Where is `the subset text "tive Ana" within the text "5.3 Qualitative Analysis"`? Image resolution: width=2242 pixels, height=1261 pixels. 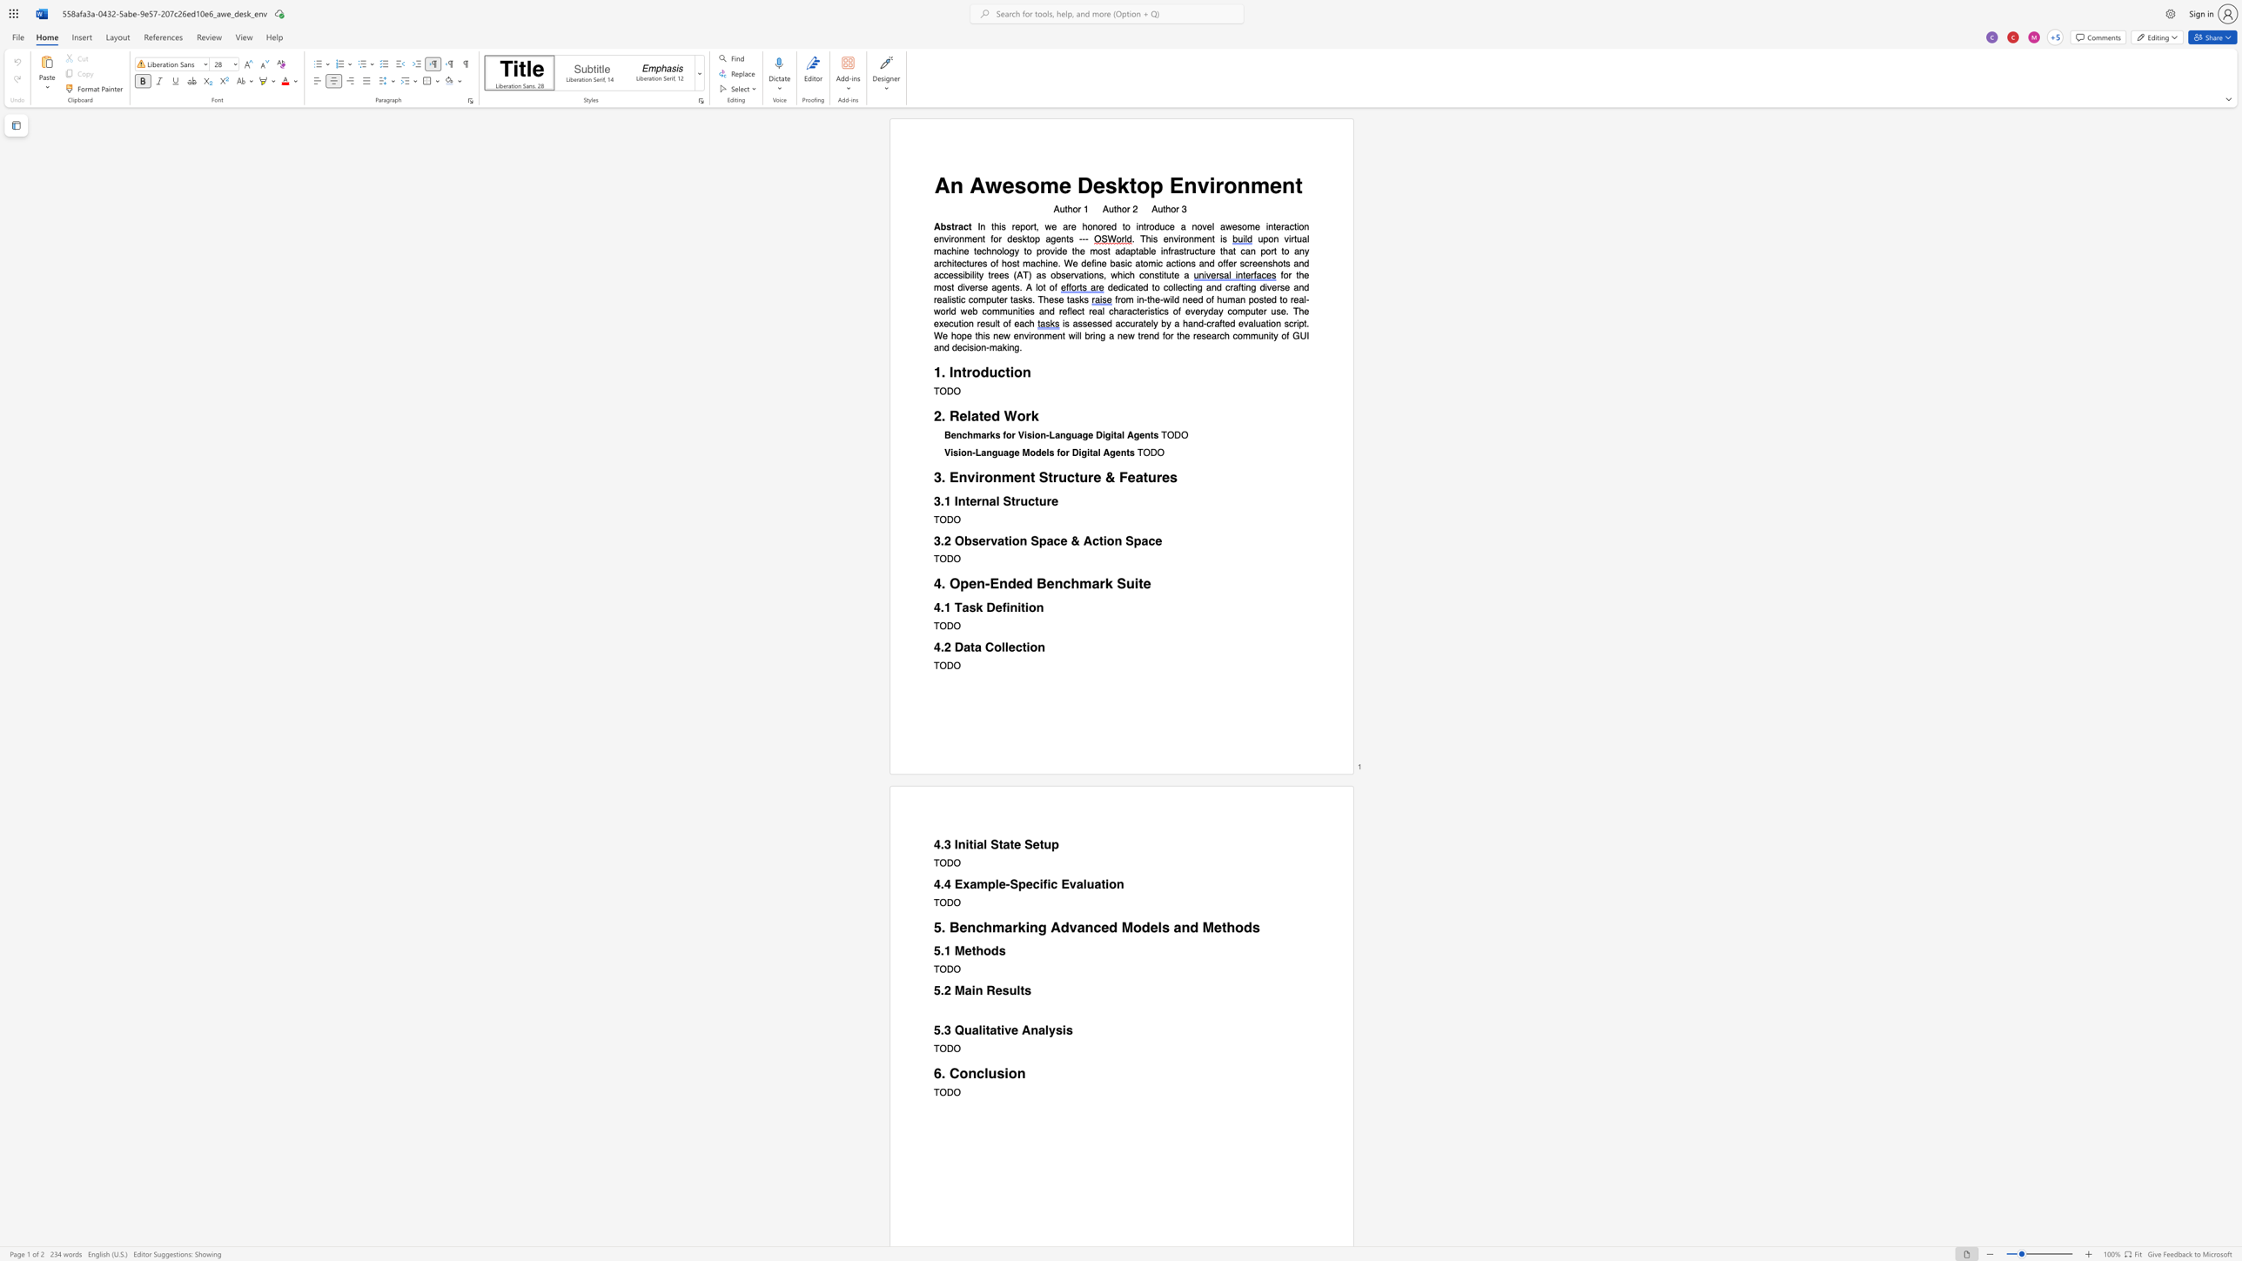 the subset text "tive Ana" within the text "5.3 Qualitative Analysis" is located at coordinates (996, 1030).